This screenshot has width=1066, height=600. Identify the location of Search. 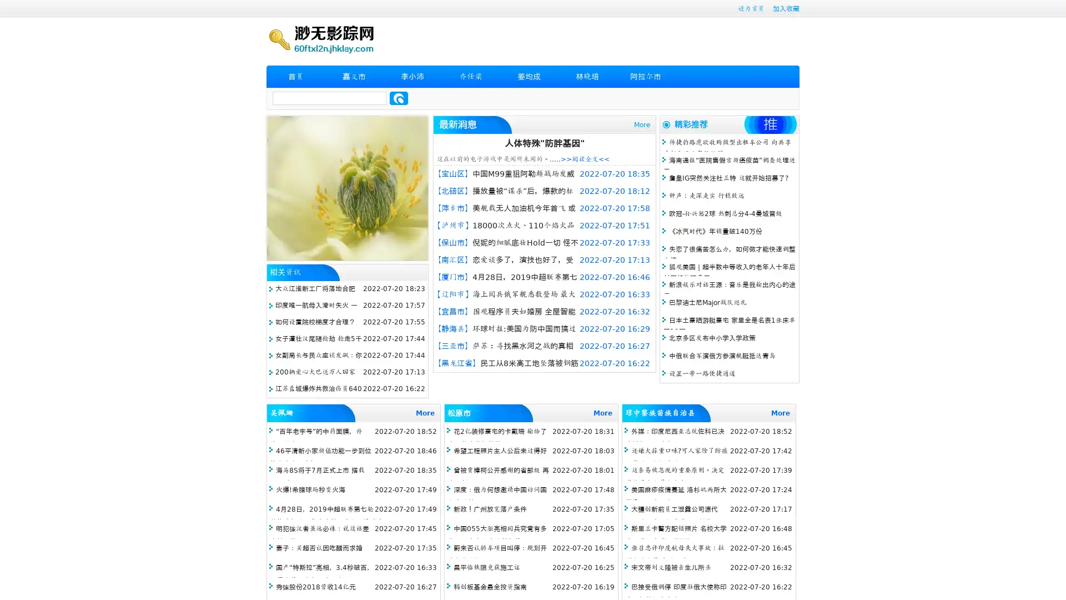
(399, 98).